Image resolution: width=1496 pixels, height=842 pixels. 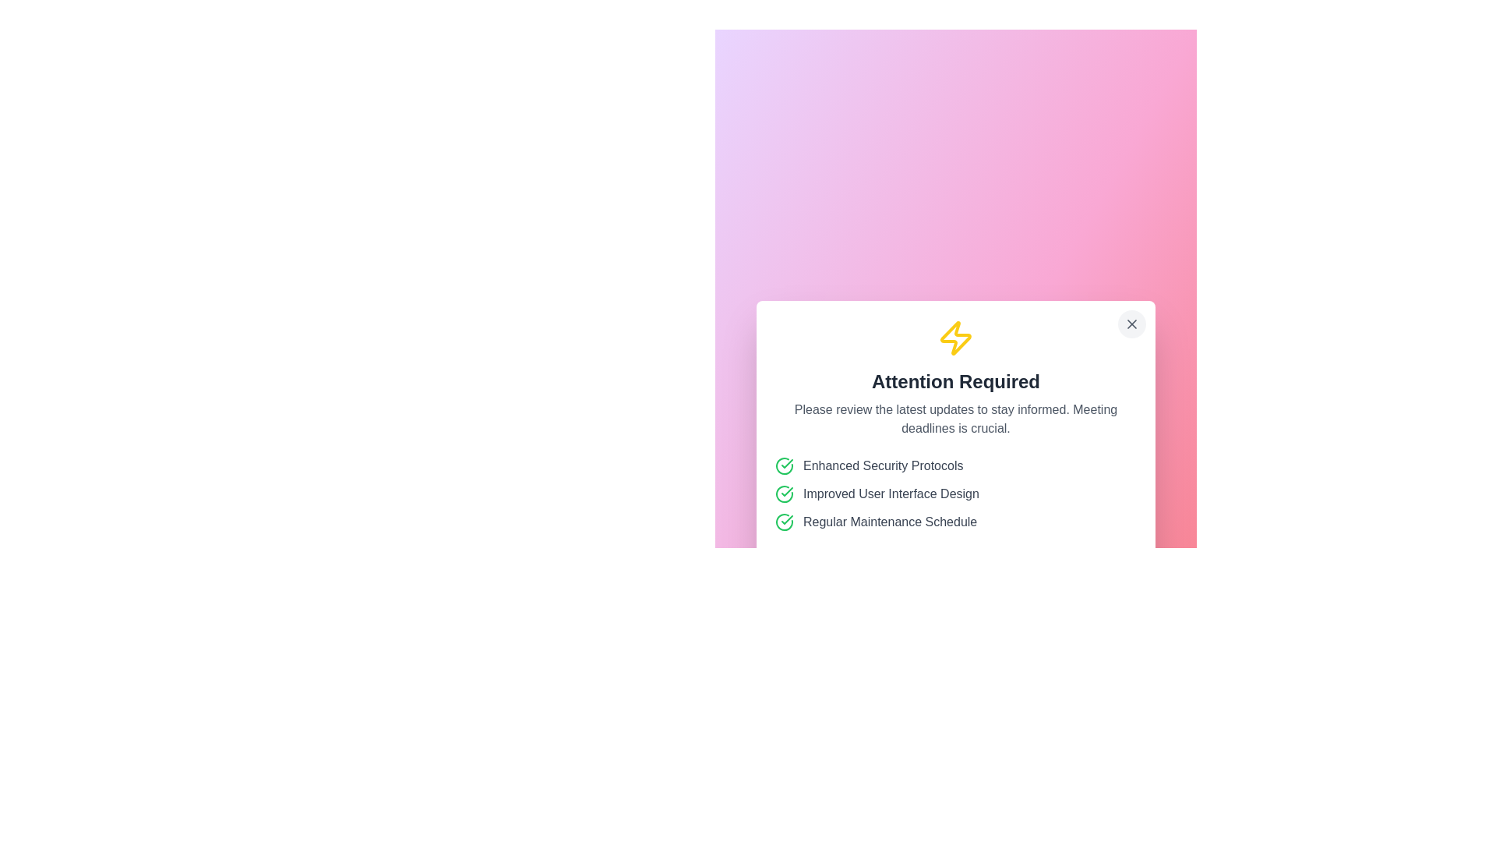 What do you see at coordinates (787, 462) in the screenshot?
I see `the status indicated by the Checkmark icon located in the middle of the green circular icon next to the 'Enhanced Security Protocols' text` at bounding box center [787, 462].